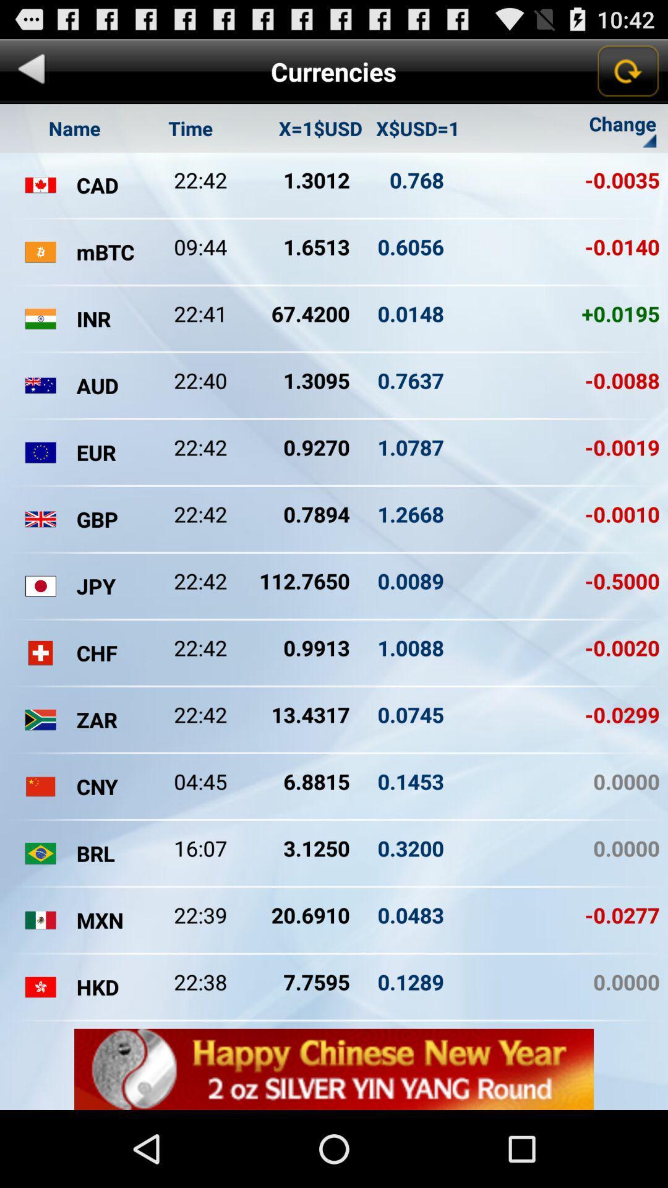  Describe the element at coordinates (31, 71) in the screenshot. I see `back button` at that location.